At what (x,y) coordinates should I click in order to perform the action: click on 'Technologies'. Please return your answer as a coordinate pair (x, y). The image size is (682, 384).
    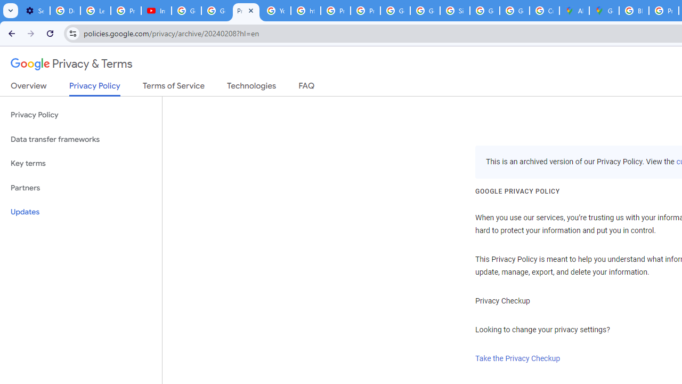
    Looking at the image, I should click on (251, 87).